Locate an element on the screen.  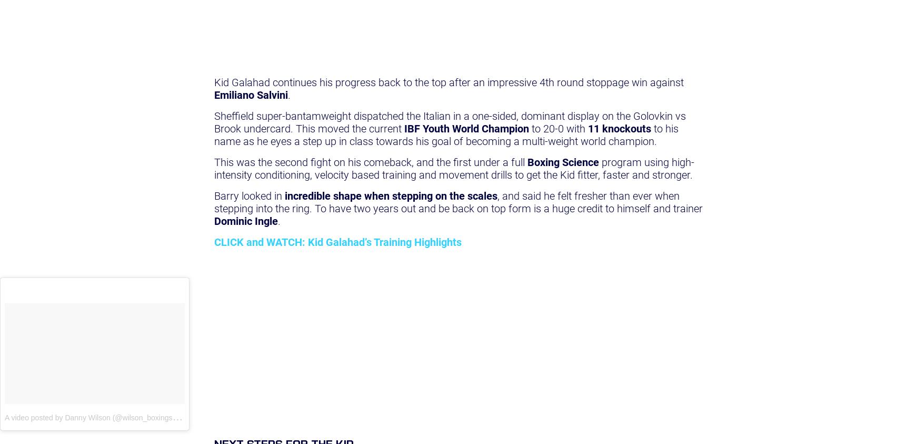
'Boxing Science' is located at coordinates (526, 162).